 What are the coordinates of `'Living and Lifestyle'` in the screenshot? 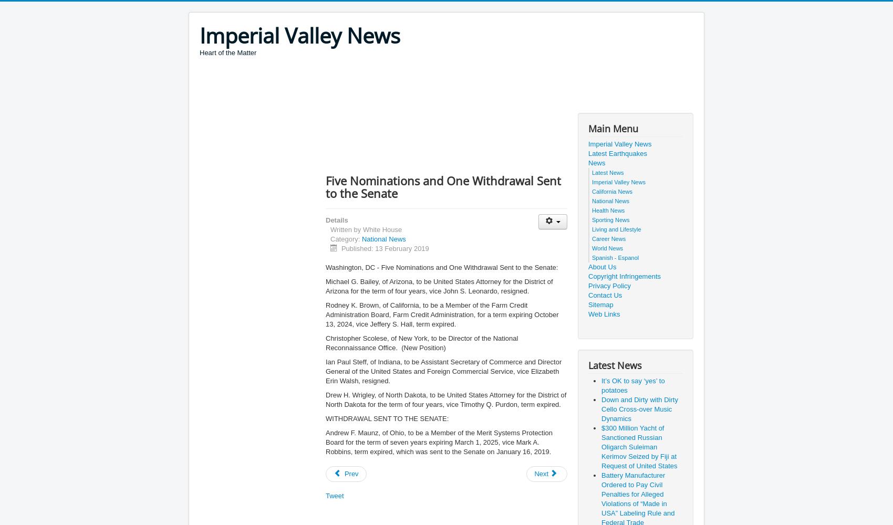 It's located at (616, 229).